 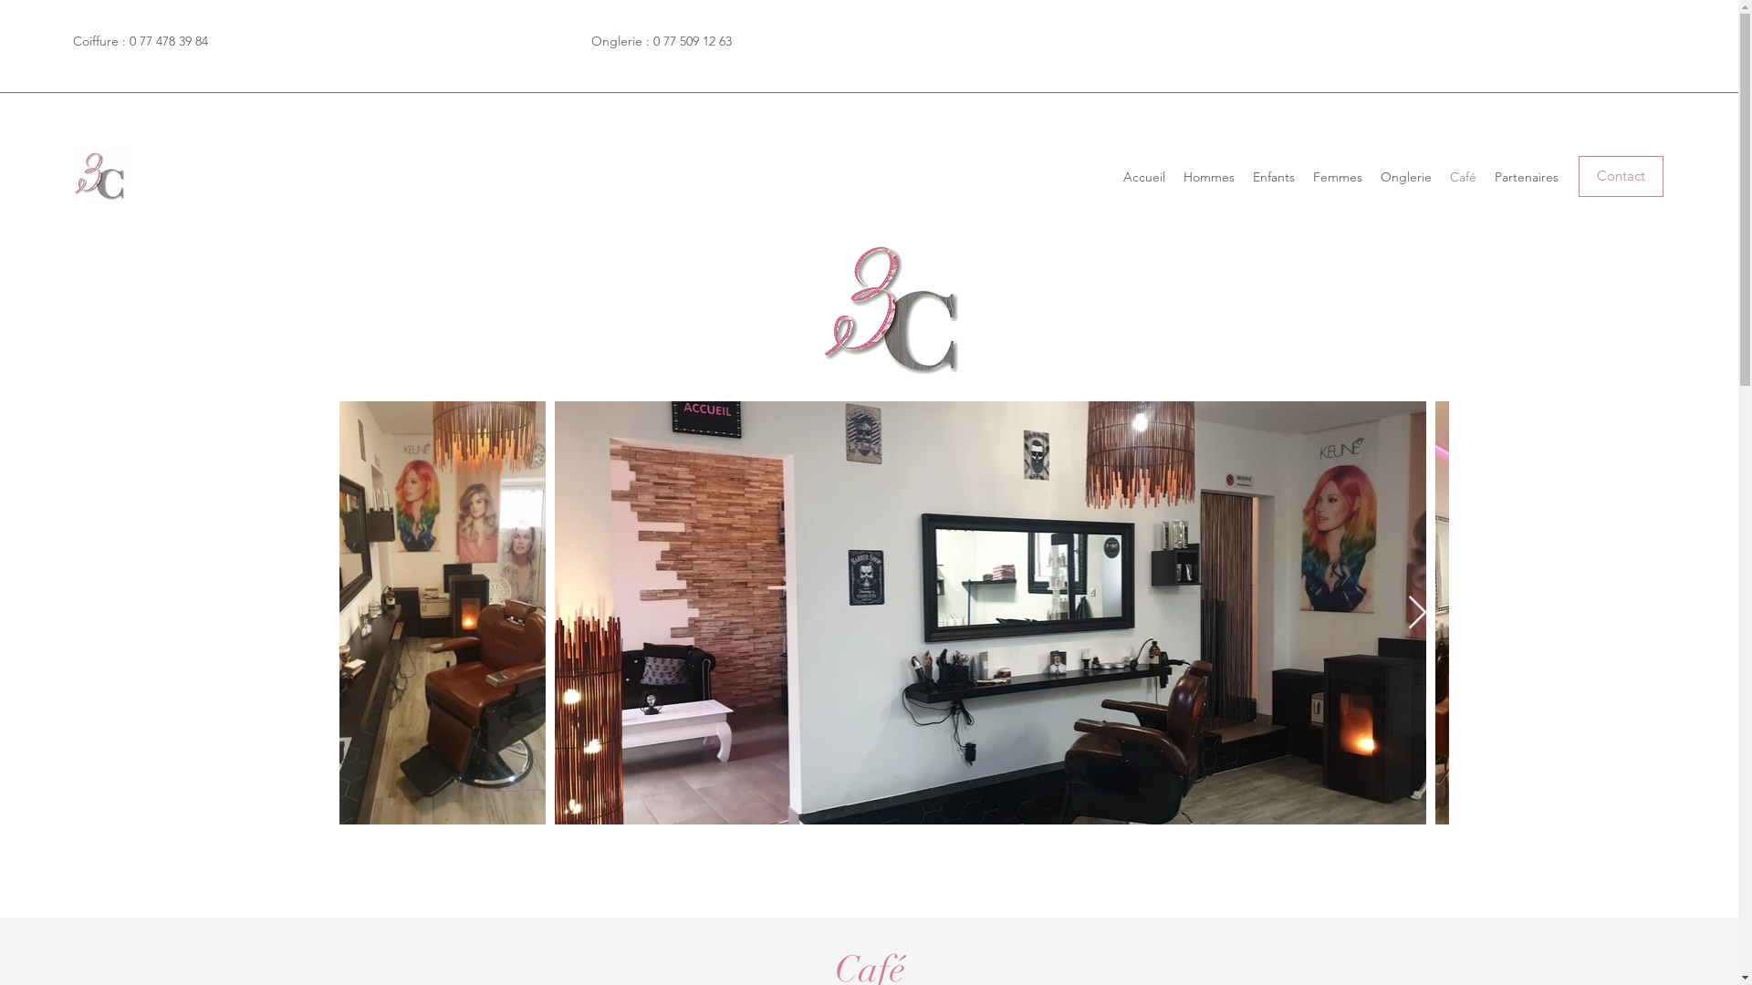 What do you see at coordinates (1337, 176) in the screenshot?
I see `'Femmes'` at bounding box center [1337, 176].